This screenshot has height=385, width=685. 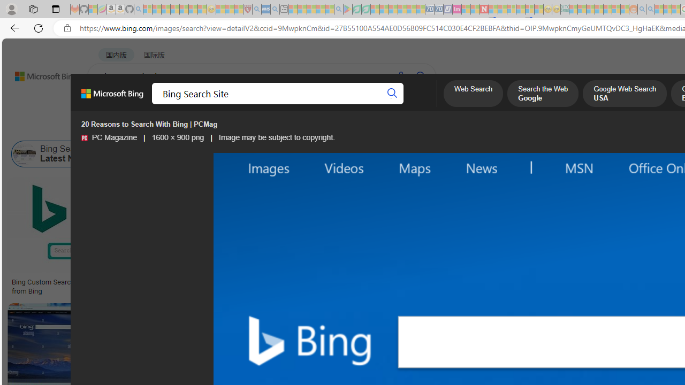 I want to click on 'Bing Search Latest News', so click(x=56, y=154).